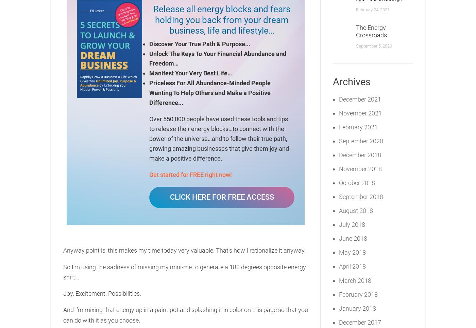  Describe the element at coordinates (339, 266) in the screenshot. I see `'April 2018'` at that location.